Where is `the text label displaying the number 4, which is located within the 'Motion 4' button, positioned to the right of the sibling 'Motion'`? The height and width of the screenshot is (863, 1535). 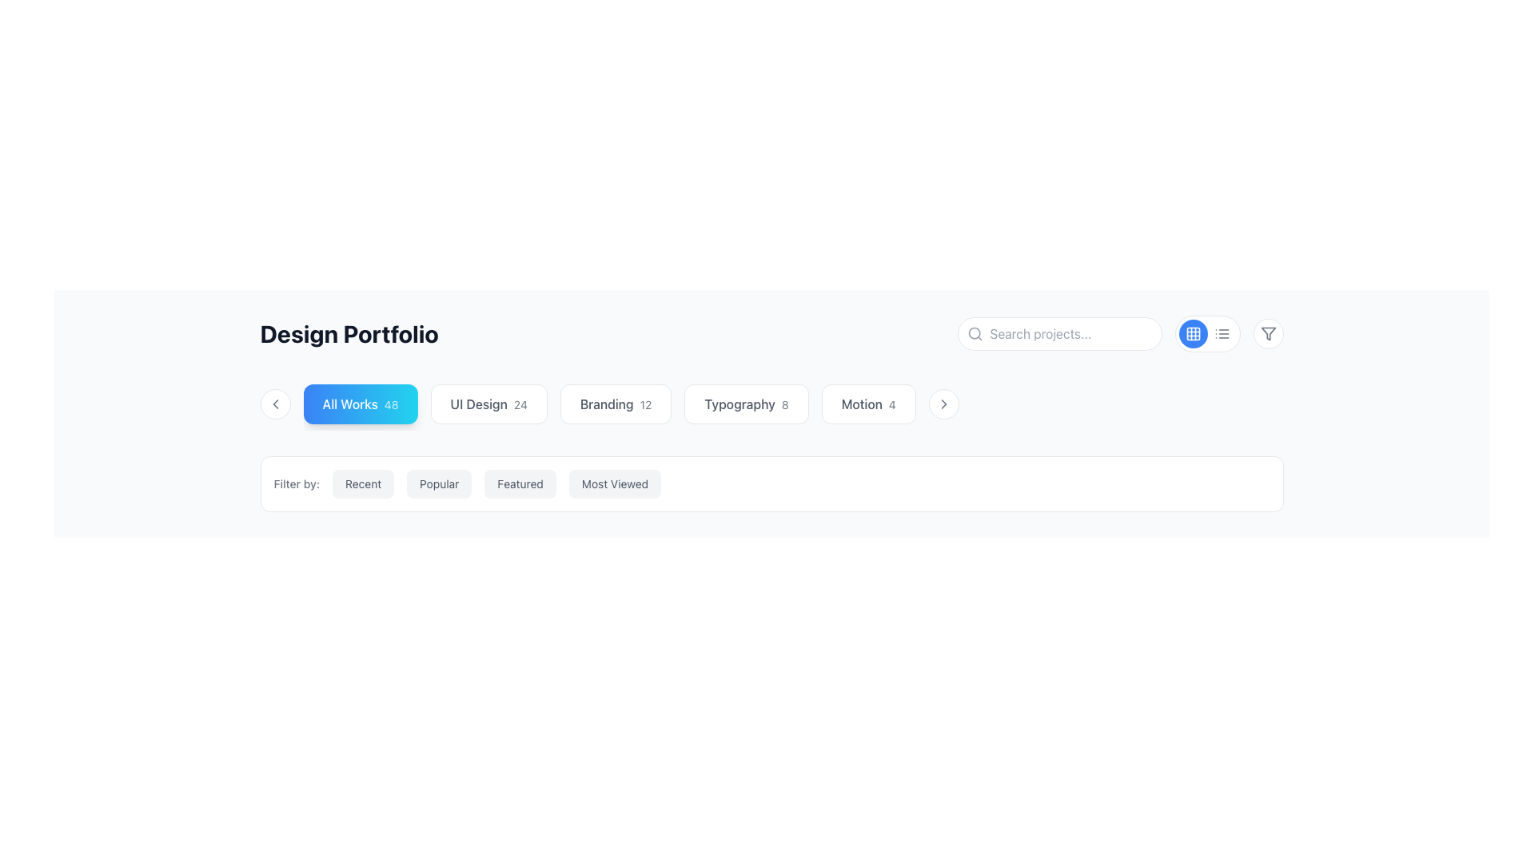
the text label displaying the number 4, which is located within the 'Motion 4' button, positioned to the right of the sibling 'Motion' is located at coordinates (891, 404).